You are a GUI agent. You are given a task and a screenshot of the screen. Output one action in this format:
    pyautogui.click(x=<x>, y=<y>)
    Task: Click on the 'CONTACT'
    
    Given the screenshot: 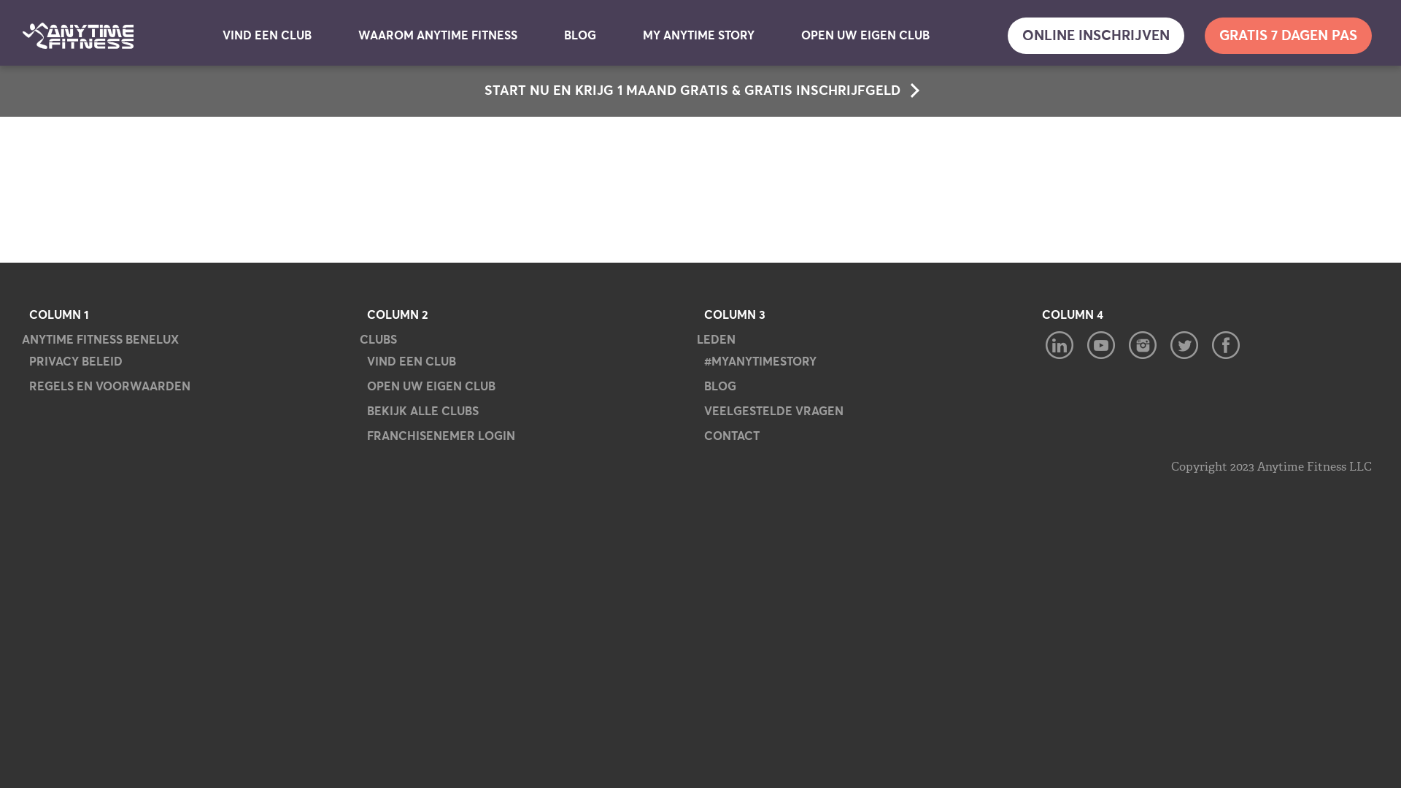 What is the action you would take?
    pyautogui.click(x=732, y=435)
    